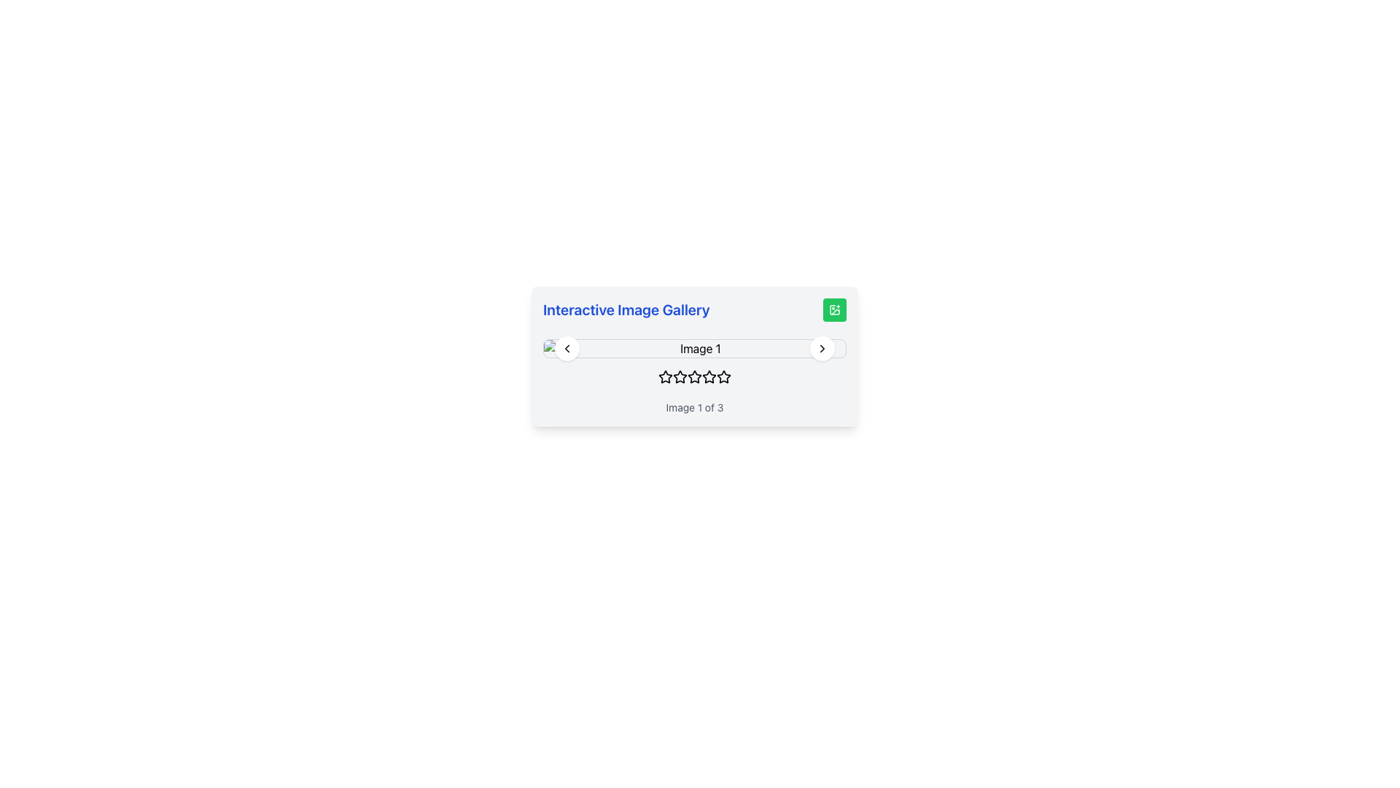  I want to click on the fifth star in the rating mechanism below the title 'Interactive Image Gallery', so click(724, 376).